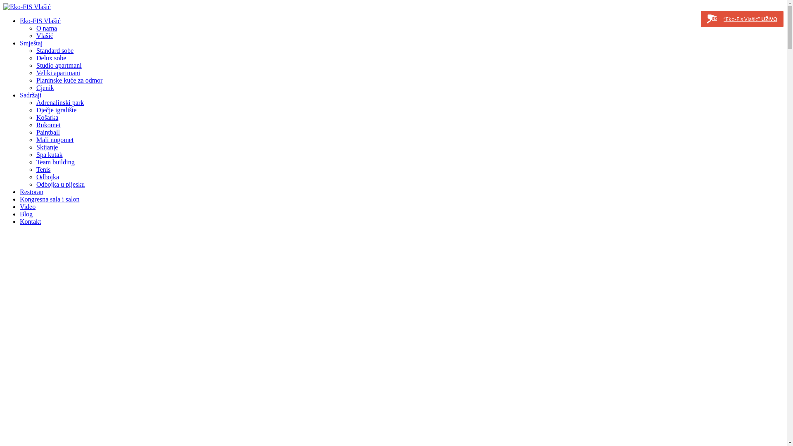 This screenshot has width=793, height=446. I want to click on 'Cjenik', so click(45, 88).